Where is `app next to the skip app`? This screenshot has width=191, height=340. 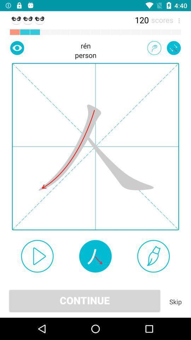
app next to the skip app is located at coordinates (85, 300).